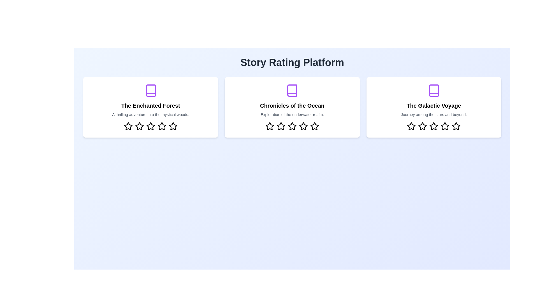  Describe the element at coordinates (150, 126) in the screenshot. I see `the star corresponding to 3 rating in the 'The Enchanted Forest' story card` at that location.